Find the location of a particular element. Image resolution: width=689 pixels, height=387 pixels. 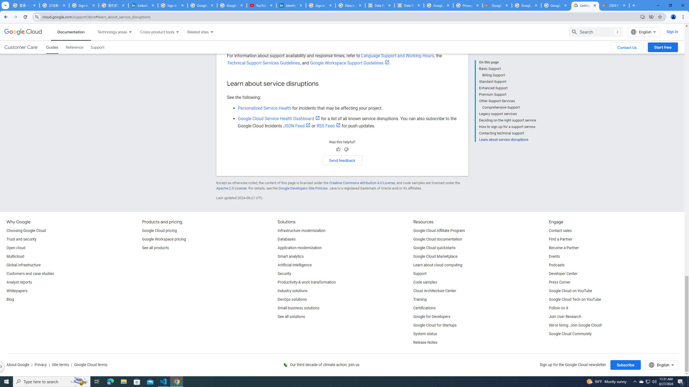

'Technical Support Services Guidelines' is located at coordinates (263, 63).